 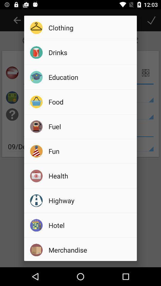 What do you see at coordinates (90, 52) in the screenshot?
I see `the drinks item` at bounding box center [90, 52].